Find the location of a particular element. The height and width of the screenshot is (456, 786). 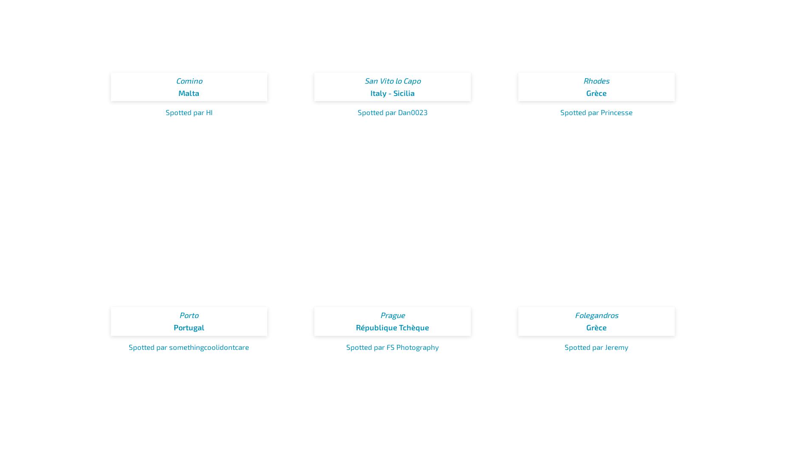

'Comino' is located at coordinates (188, 80).